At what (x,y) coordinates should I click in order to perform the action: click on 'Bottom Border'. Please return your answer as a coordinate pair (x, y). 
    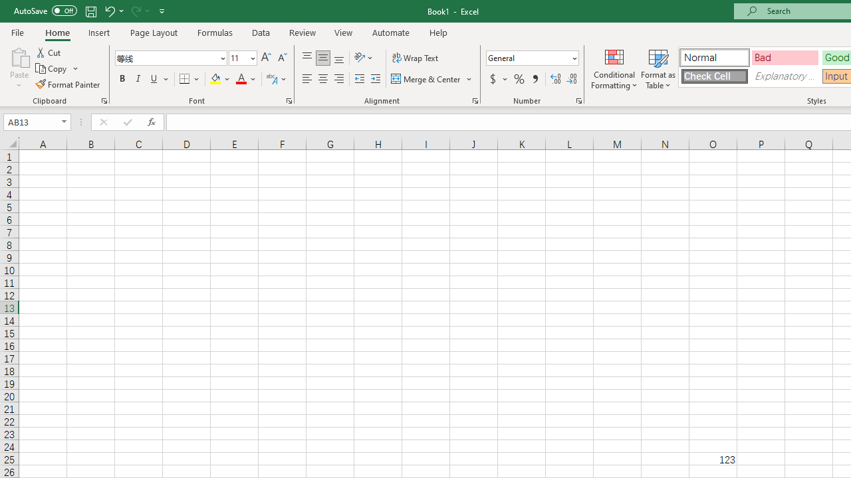
    Looking at the image, I should click on (184, 79).